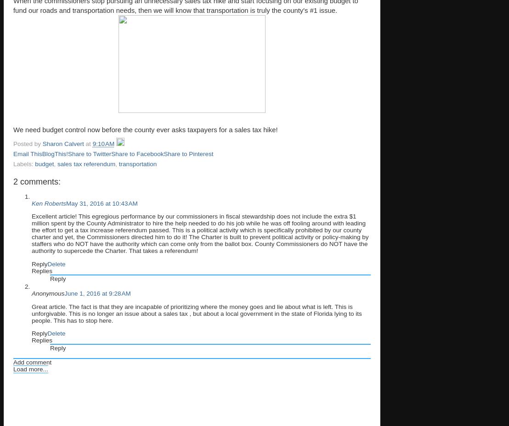 The height and width of the screenshot is (426, 509). What do you see at coordinates (196, 313) in the screenshot?
I see `'Great article. The fact is that they are incapable of prioritizing where the money goes and lie about what is left. This is unforgivable. This is no longer an issue about a sales tax , but about a local government in the state of Florida lying to its people. This has to stop here.'` at bounding box center [196, 313].